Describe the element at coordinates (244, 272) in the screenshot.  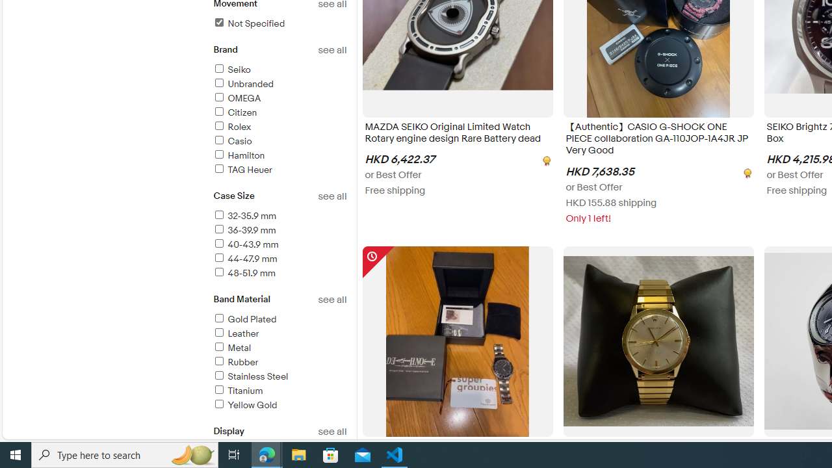
I see `'48-51.9 mm'` at that location.